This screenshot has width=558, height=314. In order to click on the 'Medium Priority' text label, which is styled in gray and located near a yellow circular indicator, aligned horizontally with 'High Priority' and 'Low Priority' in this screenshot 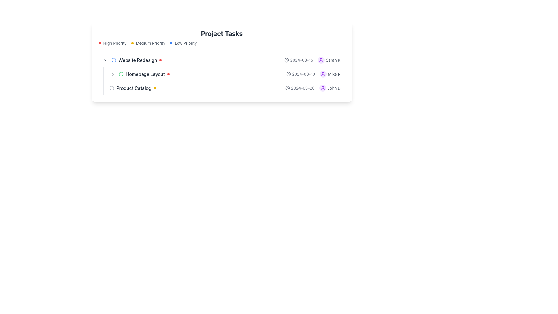, I will do `click(151, 43)`.